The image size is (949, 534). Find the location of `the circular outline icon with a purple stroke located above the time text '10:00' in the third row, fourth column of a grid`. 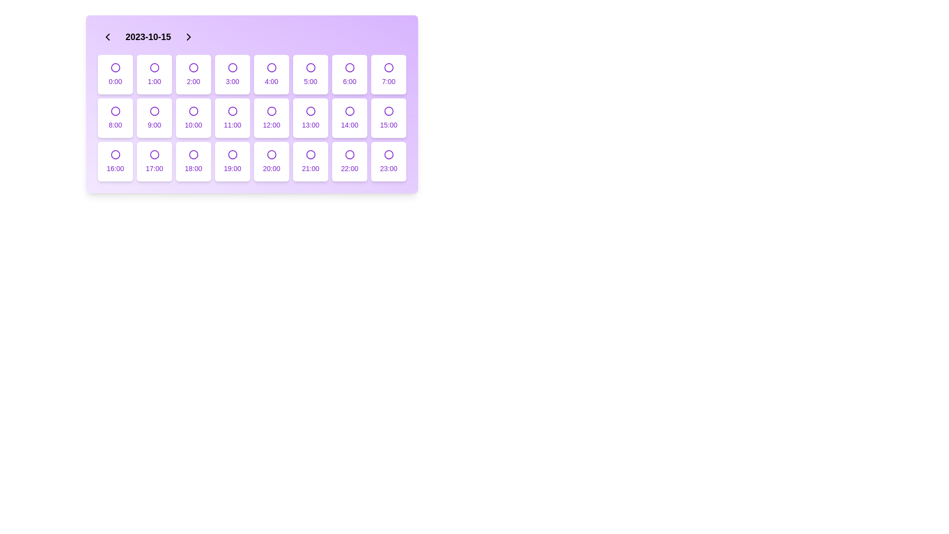

the circular outline icon with a purple stroke located above the time text '10:00' in the third row, fourth column of a grid is located at coordinates (193, 111).